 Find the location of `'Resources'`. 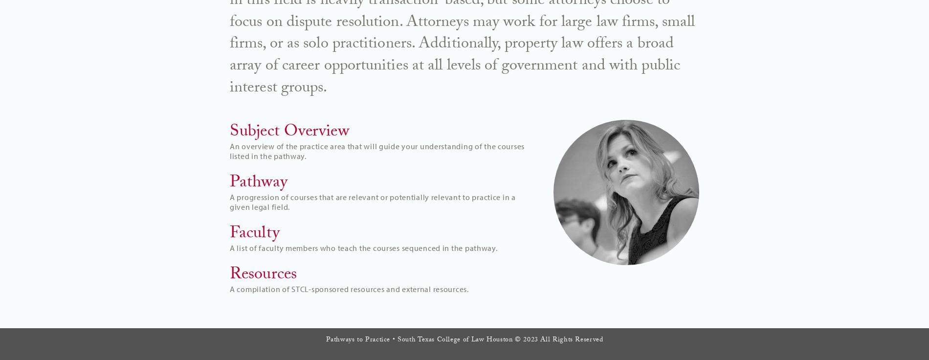

'Resources' is located at coordinates (263, 274).